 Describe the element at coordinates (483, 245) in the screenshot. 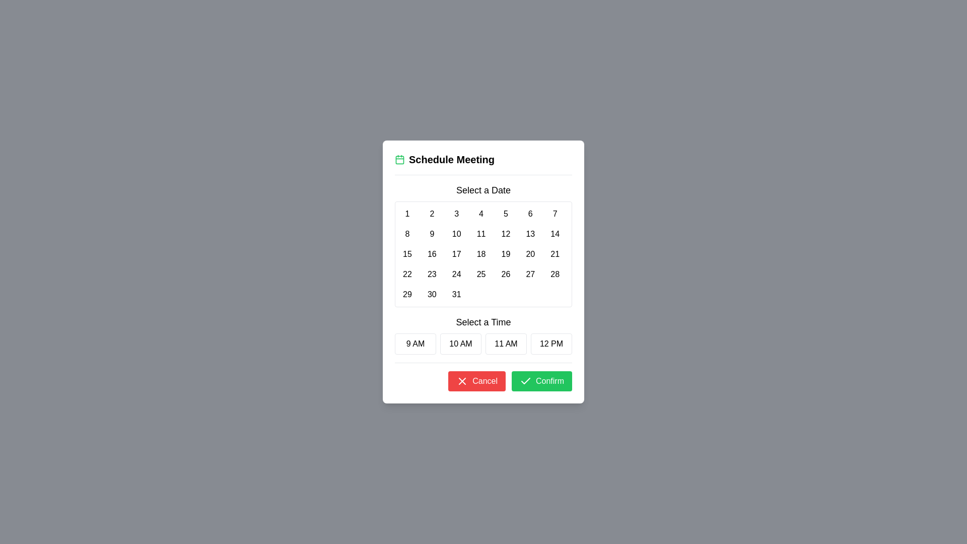

I see `the specific date button in the calendar grid located below the 'Select a Date' header in the 'Schedule Meeting' modal dialog` at that location.